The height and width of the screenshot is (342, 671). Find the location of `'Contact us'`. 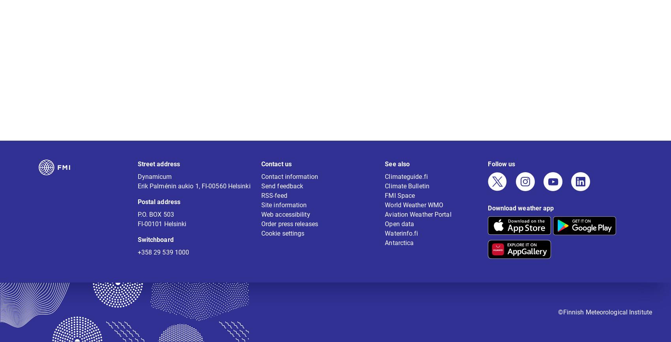

'Contact us' is located at coordinates (276, 169).